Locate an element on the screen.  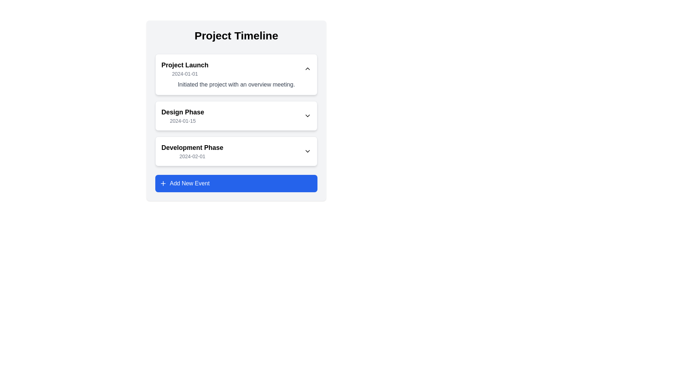
the chevron icon in the top-right corner of the 'Design Phase' card is located at coordinates (307, 115).